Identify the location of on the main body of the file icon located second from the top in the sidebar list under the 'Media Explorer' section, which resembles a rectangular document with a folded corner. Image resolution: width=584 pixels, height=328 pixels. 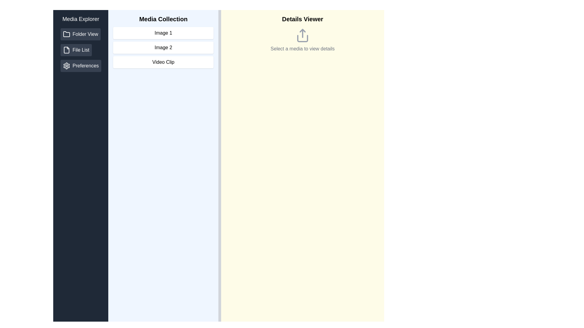
(66, 50).